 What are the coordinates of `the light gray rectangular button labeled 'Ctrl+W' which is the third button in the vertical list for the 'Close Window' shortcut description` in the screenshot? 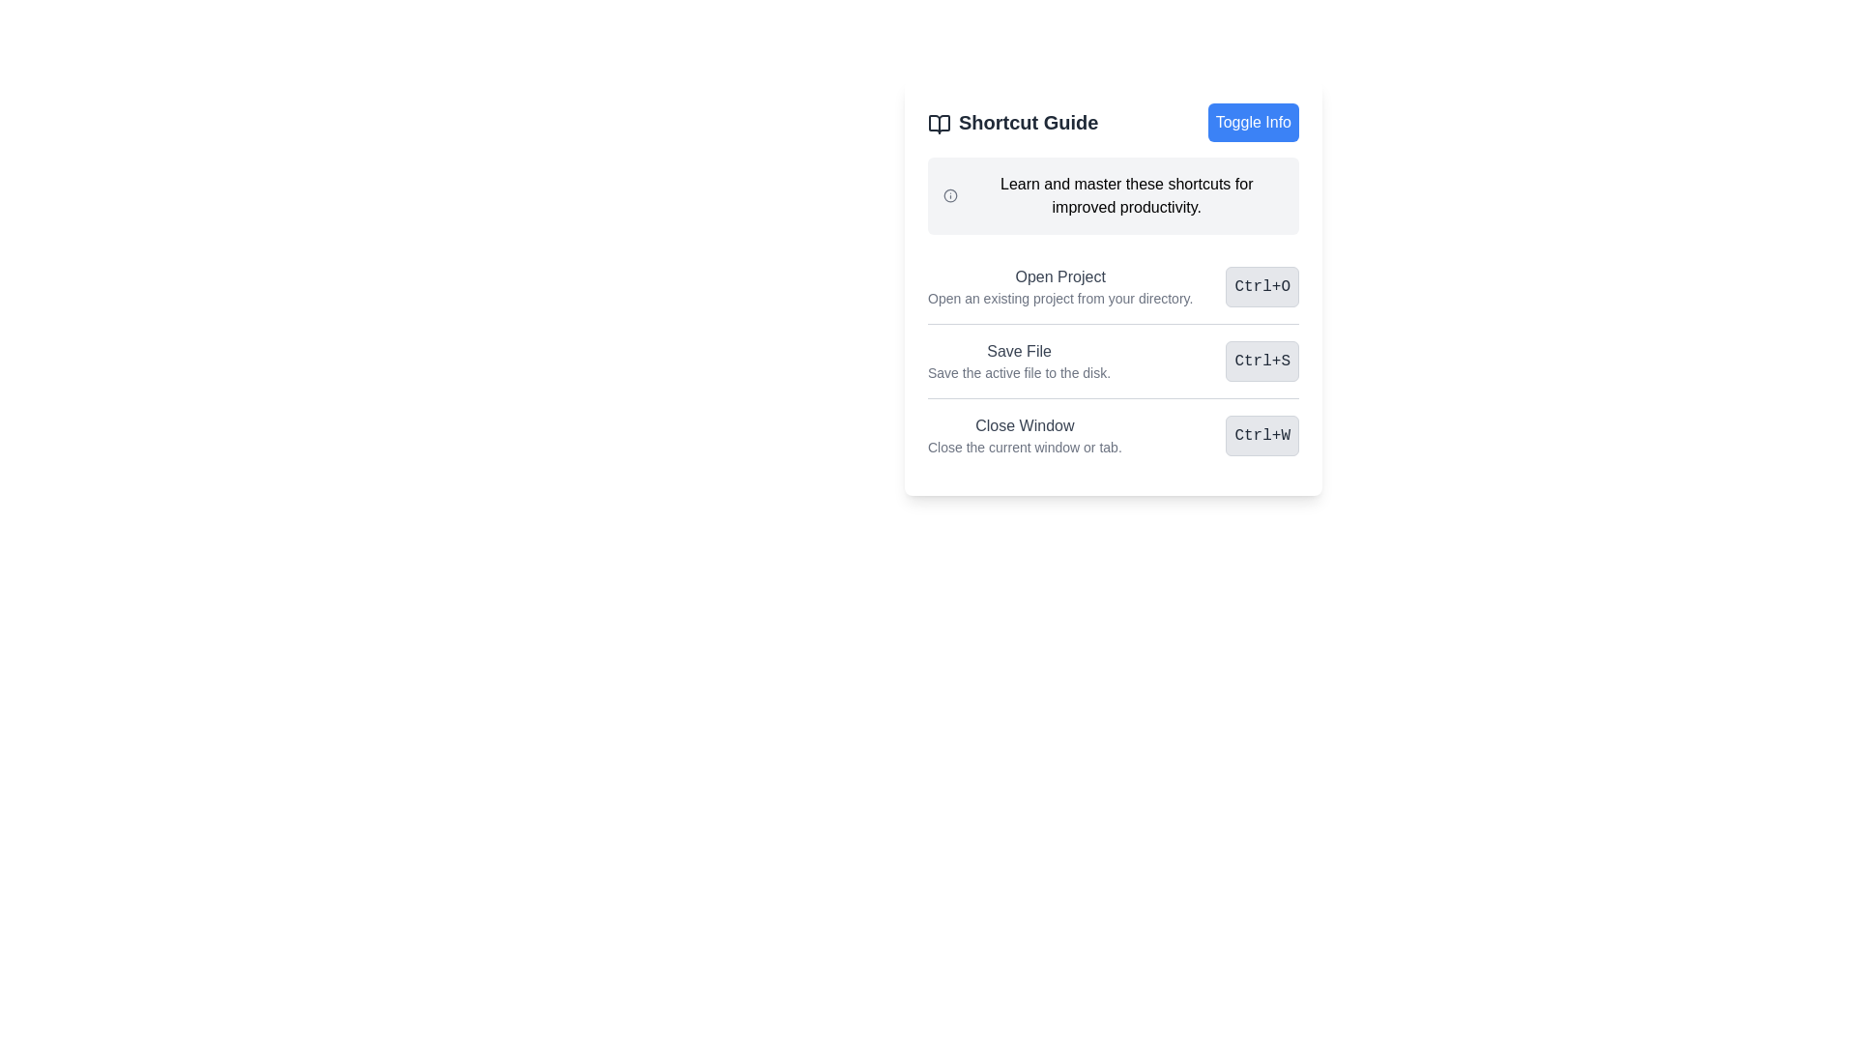 It's located at (1262, 436).